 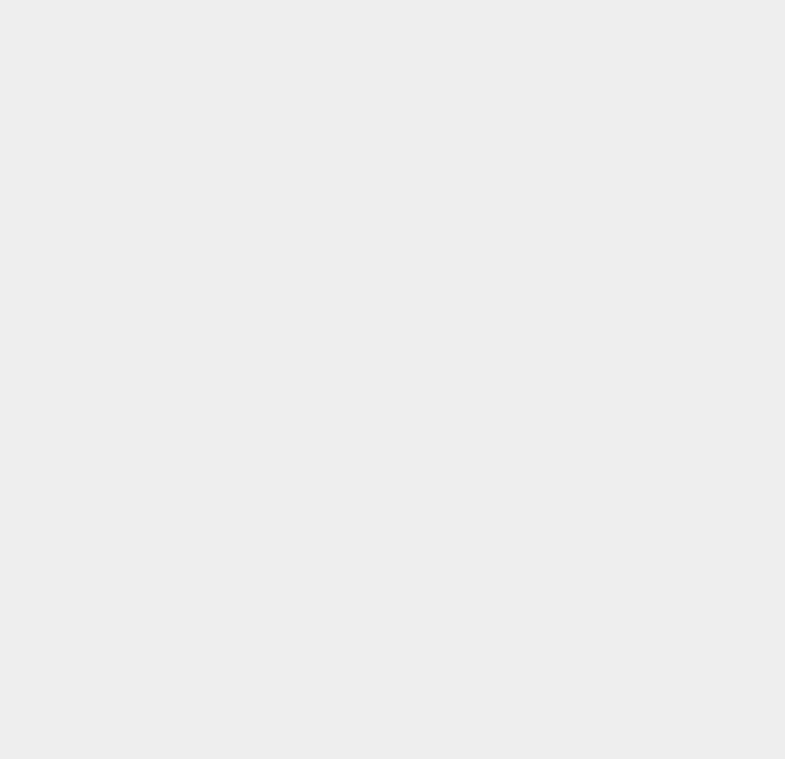 What do you see at coordinates (577, 153) in the screenshot?
I see `'Android P'` at bounding box center [577, 153].